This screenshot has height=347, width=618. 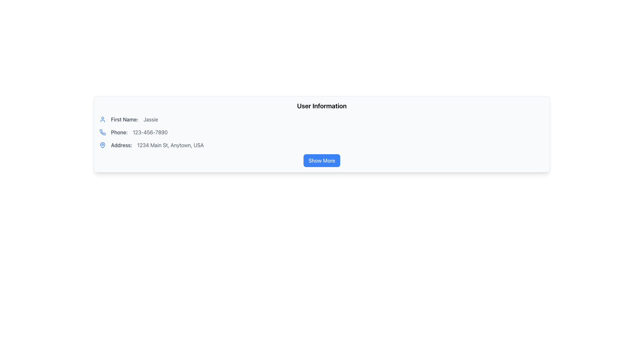 What do you see at coordinates (150, 132) in the screenshot?
I see `text displayed in the Text Display element that shows the phone number '123-456-7890', which is styled in gray and is located to the right of the label 'Phone:' within the 'User Information' section` at bounding box center [150, 132].